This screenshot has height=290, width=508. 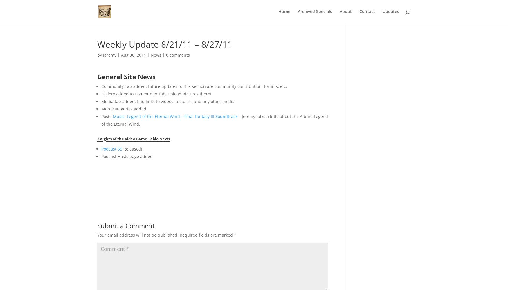 I want to click on '0 comments', so click(x=178, y=55).